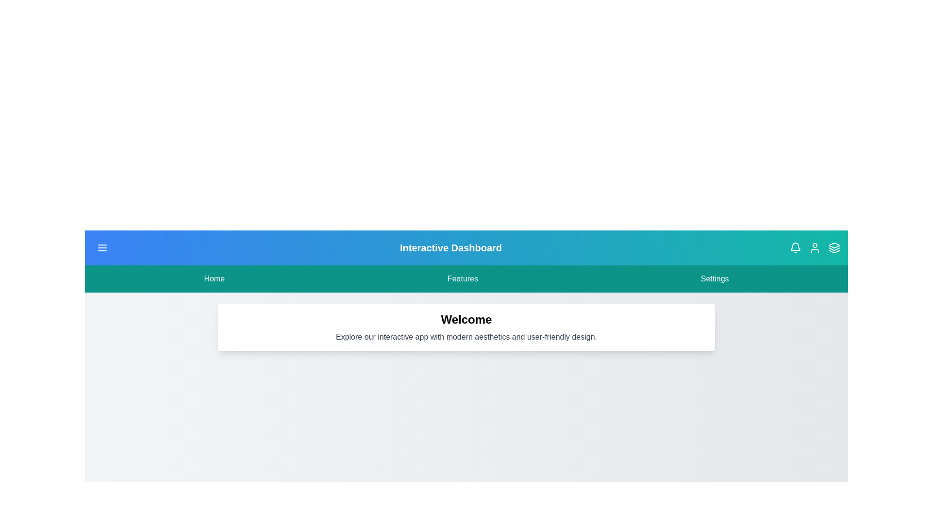 This screenshot has height=524, width=932. I want to click on the Features link in the navigation bar to navigate to the corresponding section, so click(462, 278).